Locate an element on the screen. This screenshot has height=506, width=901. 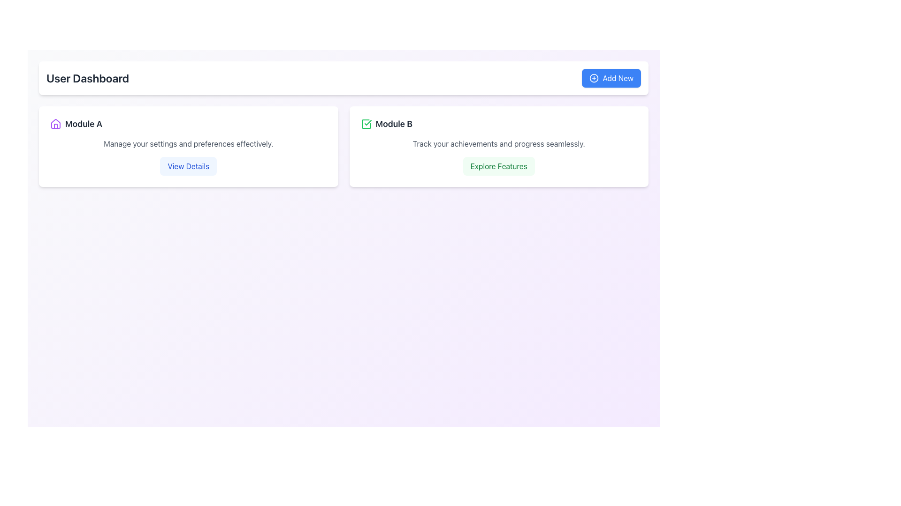
the purple outlined house icon located in the header area of the 'Module A' card, positioned to the left of the text 'Module A' is located at coordinates (55, 123).